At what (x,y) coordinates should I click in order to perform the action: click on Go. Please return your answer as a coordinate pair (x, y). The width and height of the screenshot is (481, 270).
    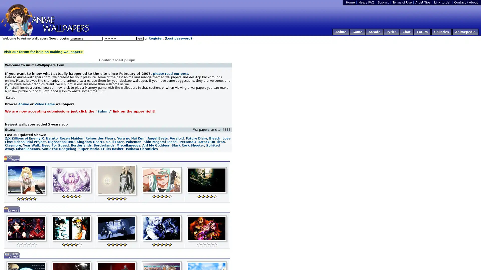
    Looking at the image, I should click on (140, 38).